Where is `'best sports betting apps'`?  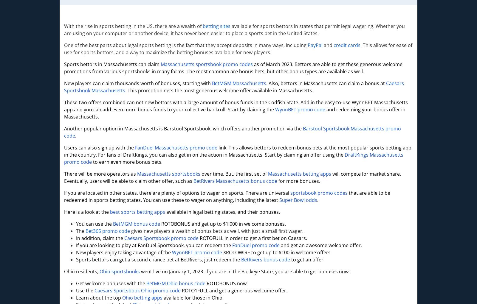 'best sports betting apps' is located at coordinates (137, 212).